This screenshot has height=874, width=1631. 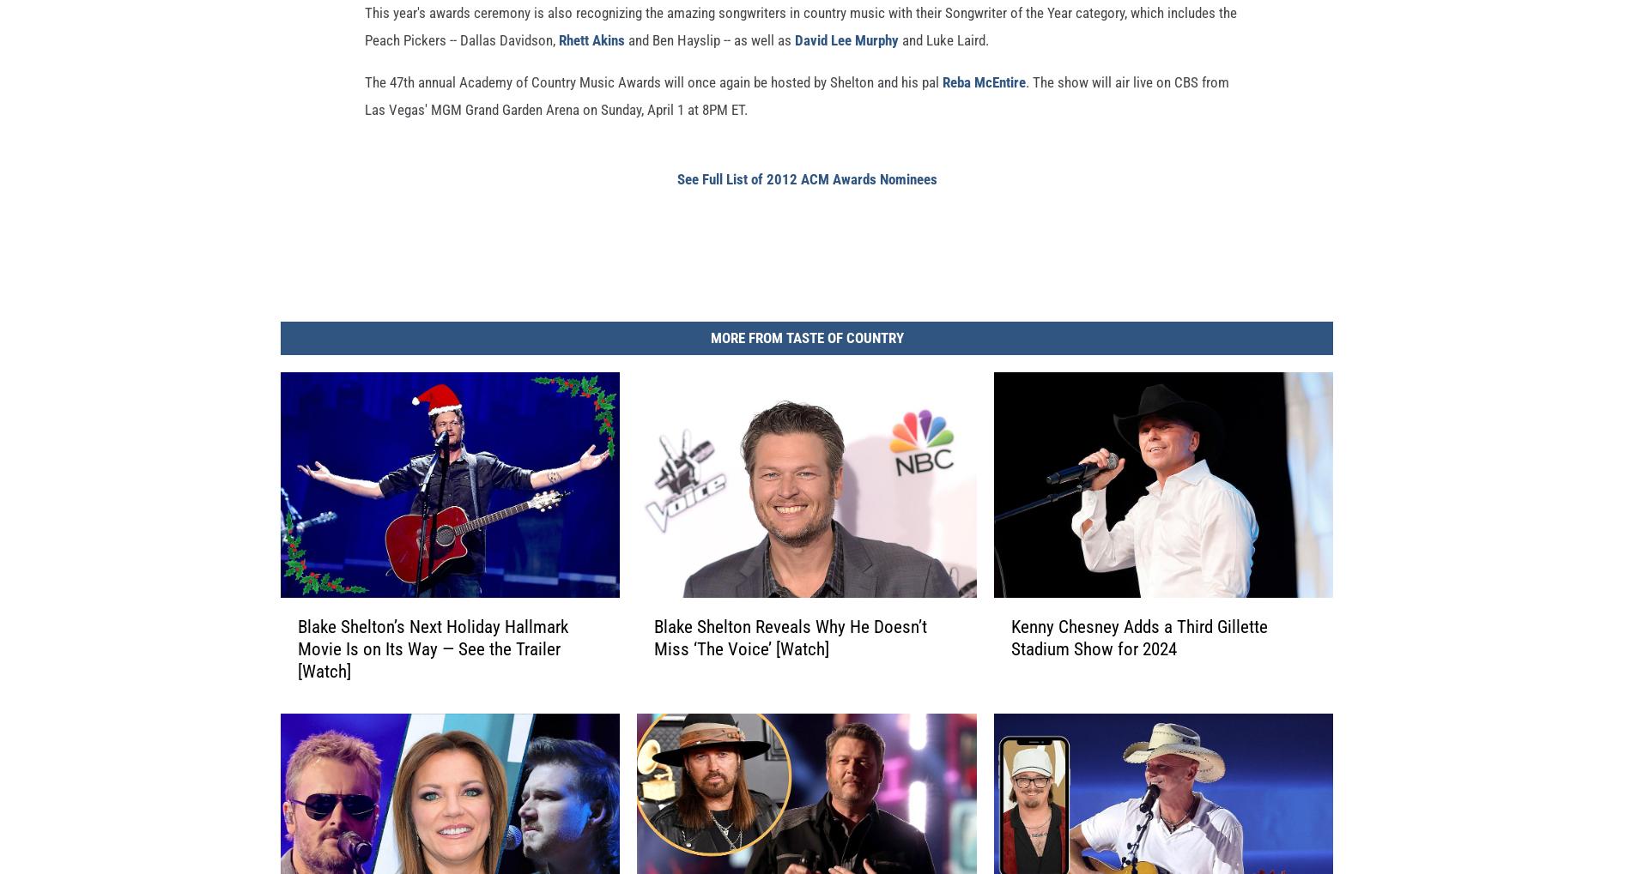 What do you see at coordinates (364, 53) in the screenshot?
I see `'This year's awards ceremony is also recognizing the amazing songwriters in country music with their Songwriter of the Year category, which includes the Peach Pickers -- Dallas Davidson,'` at bounding box center [364, 53].